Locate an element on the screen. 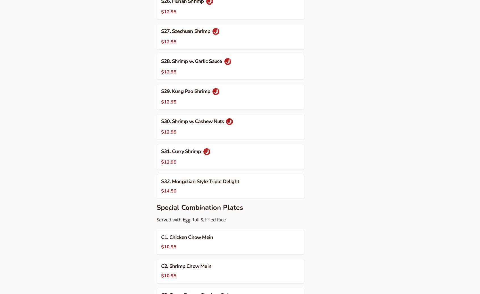 The width and height of the screenshot is (480, 294). 'C1. Chicken Chow Mein' is located at coordinates (187, 237).